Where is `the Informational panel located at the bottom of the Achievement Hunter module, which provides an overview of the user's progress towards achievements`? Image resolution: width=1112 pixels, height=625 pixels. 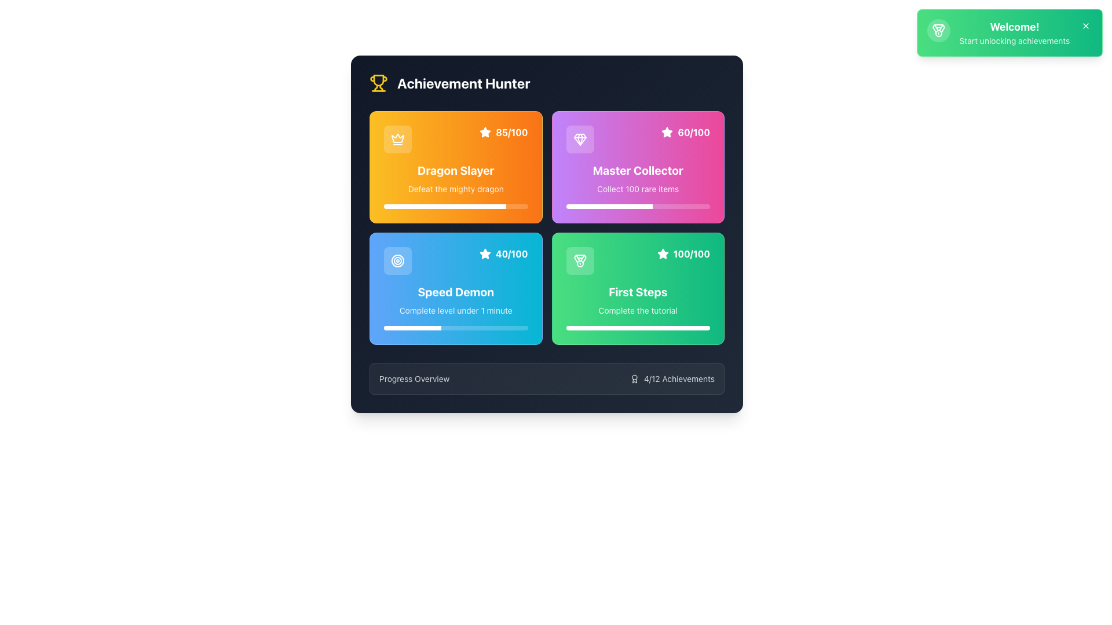 the Informational panel located at the bottom of the Achievement Hunter module, which provides an overview of the user's progress towards achievements is located at coordinates (546, 379).